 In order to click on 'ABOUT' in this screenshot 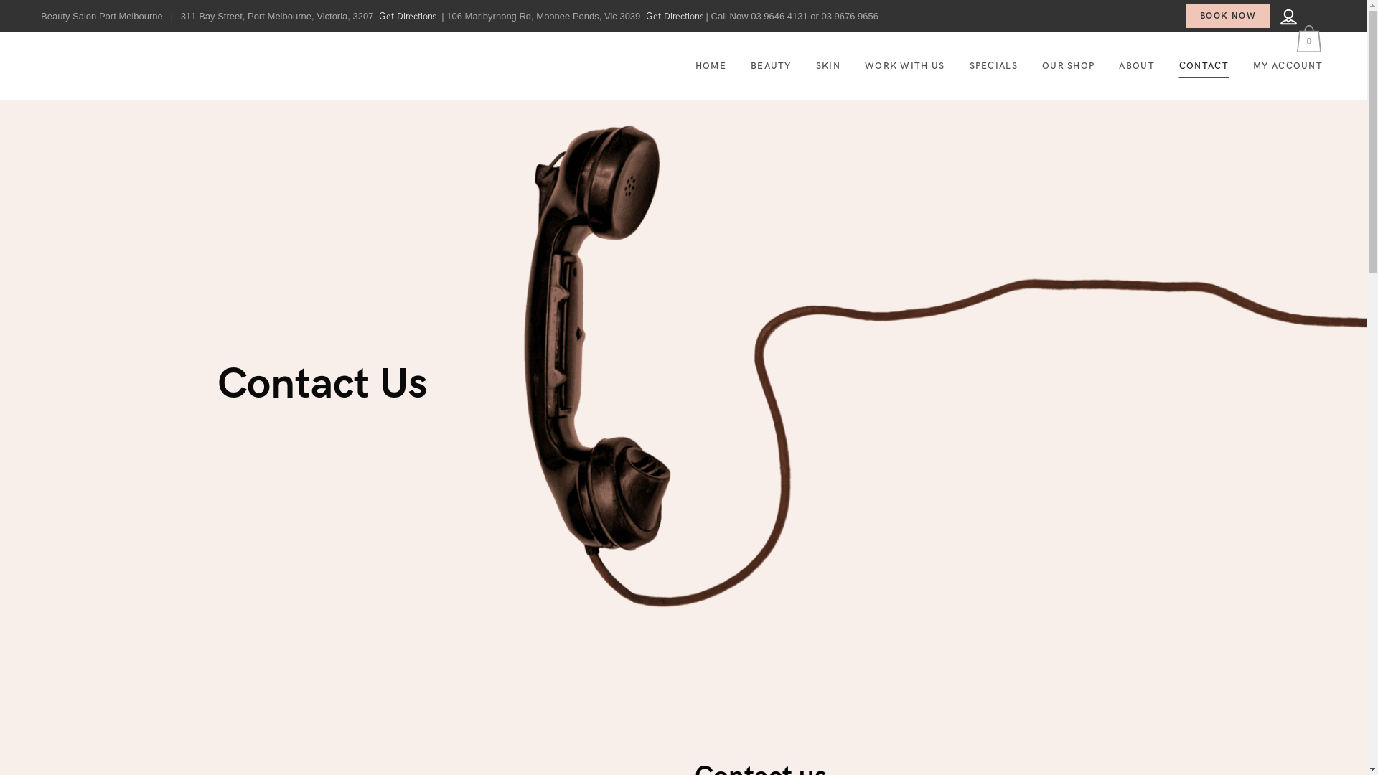, I will do `click(1136, 66)`.